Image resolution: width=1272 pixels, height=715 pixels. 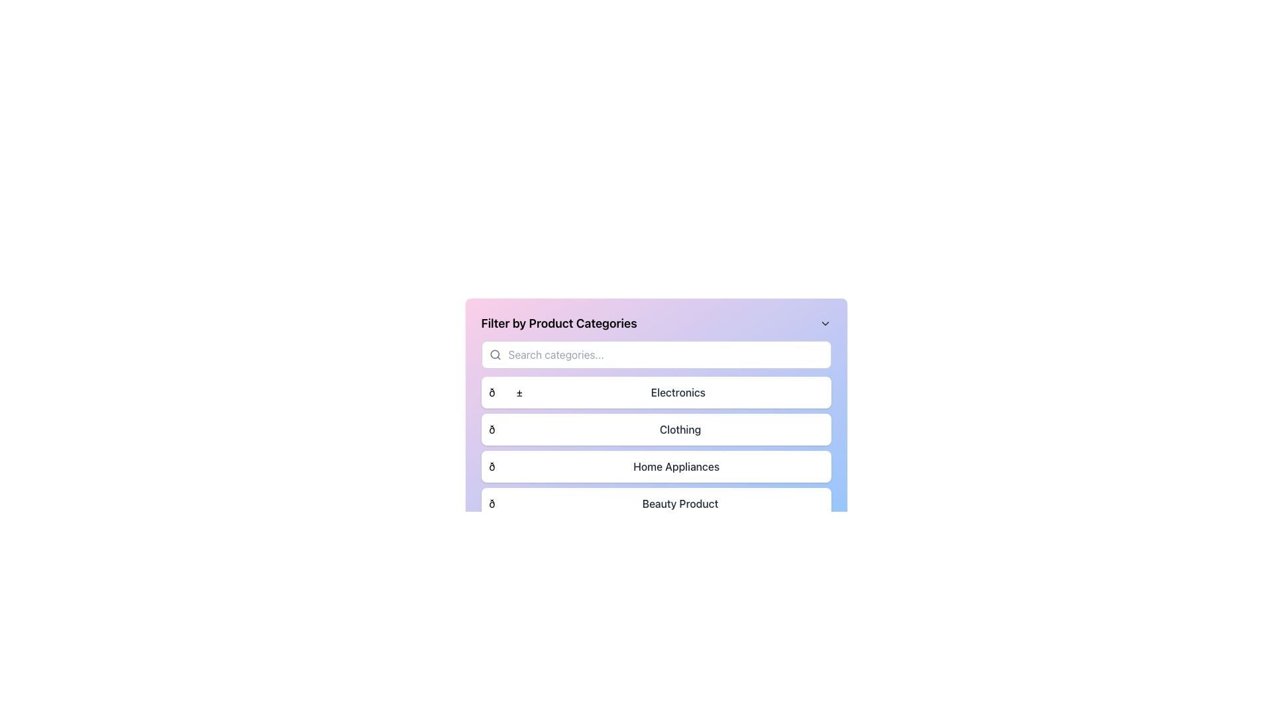 What do you see at coordinates (494, 354) in the screenshot?
I see `the circular component of the search icon, which is part of a magnifying glass symbol, positioned to the left of the 'Search categories...' input field` at bounding box center [494, 354].